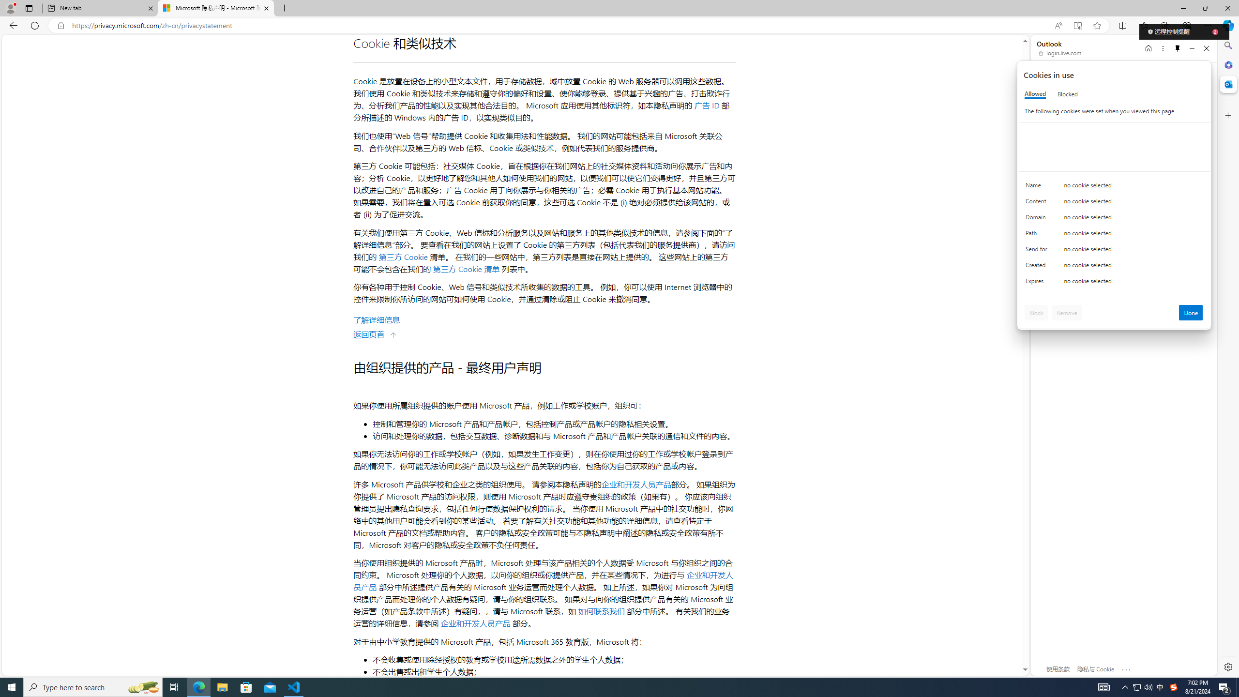 The width and height of the screenshot is (1239, 697). I want to click on 'Name', so click(1038, 187).